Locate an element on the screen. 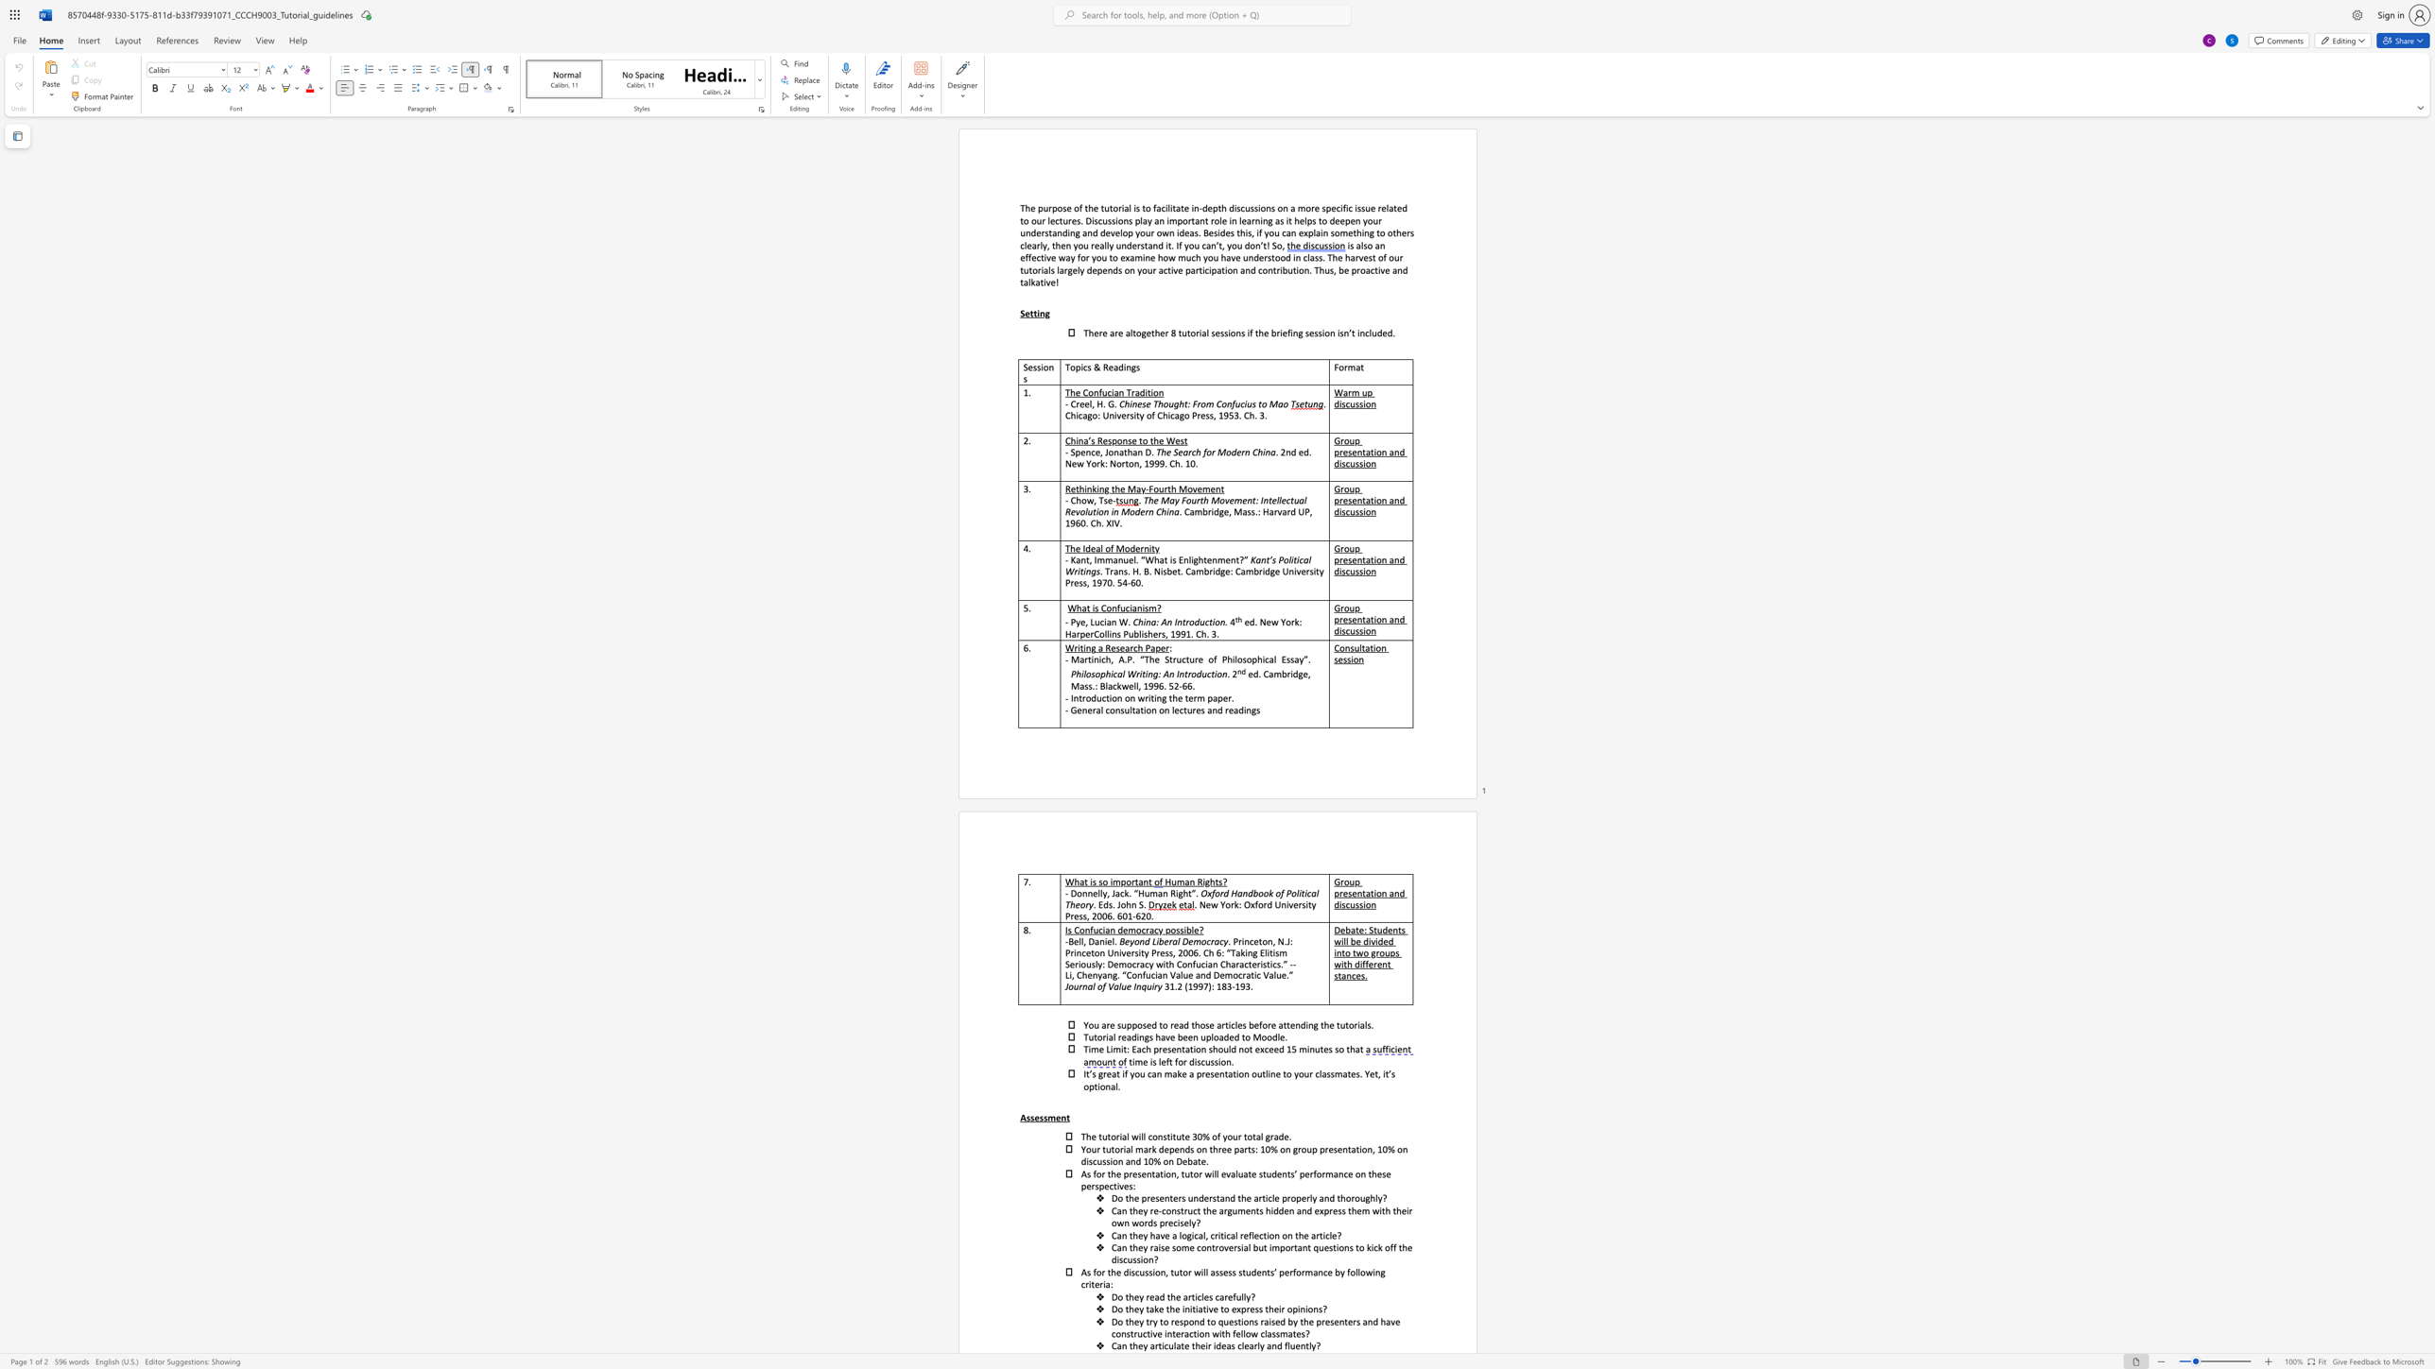 This screenshot has width=2435, height=1369. the subset text "ew York" within the text "ed. New York:" is located at coordinates (1266, 622).